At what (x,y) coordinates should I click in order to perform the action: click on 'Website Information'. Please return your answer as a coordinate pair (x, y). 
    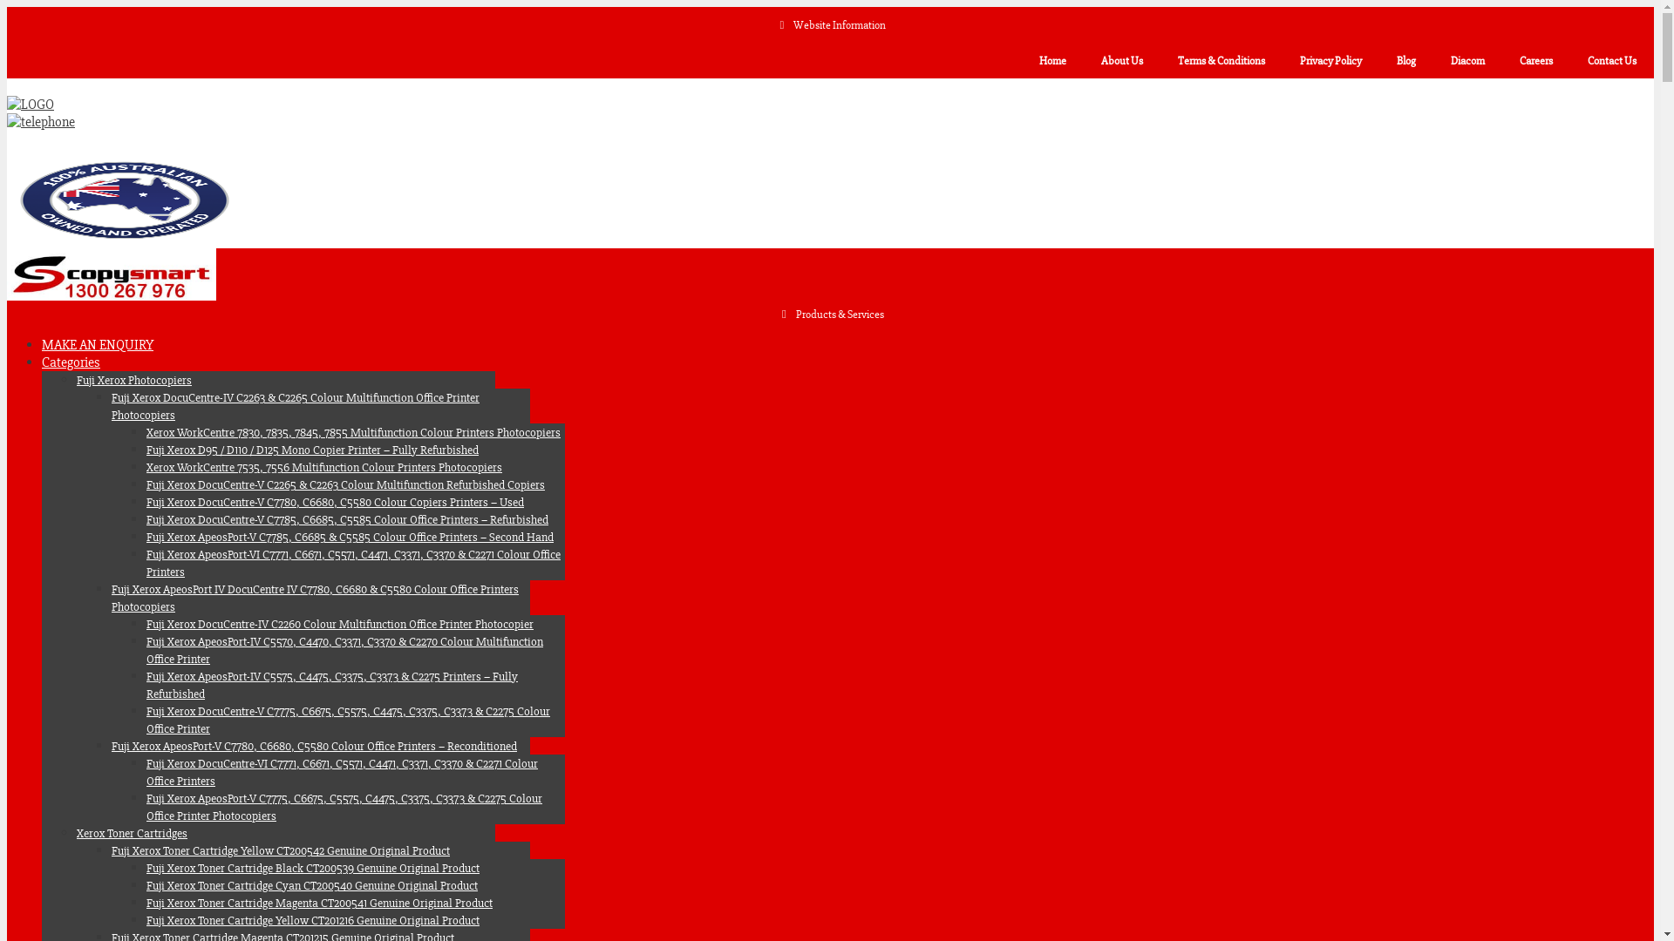
    Looking at the image, I should click on (829, 25).